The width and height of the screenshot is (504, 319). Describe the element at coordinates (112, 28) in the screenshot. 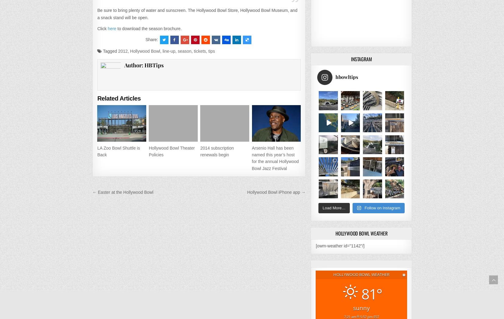

I see `'here'` at that location.